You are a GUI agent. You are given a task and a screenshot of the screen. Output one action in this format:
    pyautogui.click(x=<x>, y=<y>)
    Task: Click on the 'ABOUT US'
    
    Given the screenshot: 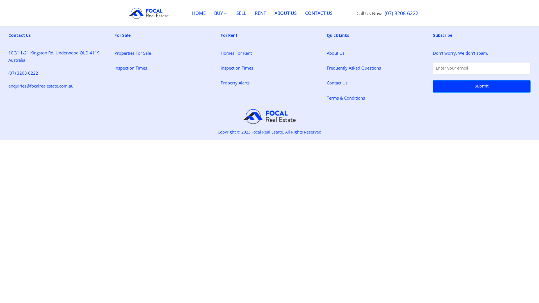 What is the action you would take?
    pyautogui.click(x=286, y=13)
    